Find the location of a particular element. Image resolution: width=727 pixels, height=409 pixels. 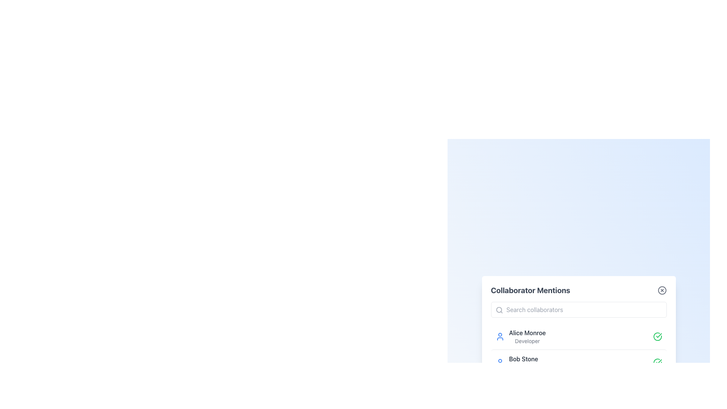

the text display element showing 'Alice Monroe' is located at coordinates (527, 333).